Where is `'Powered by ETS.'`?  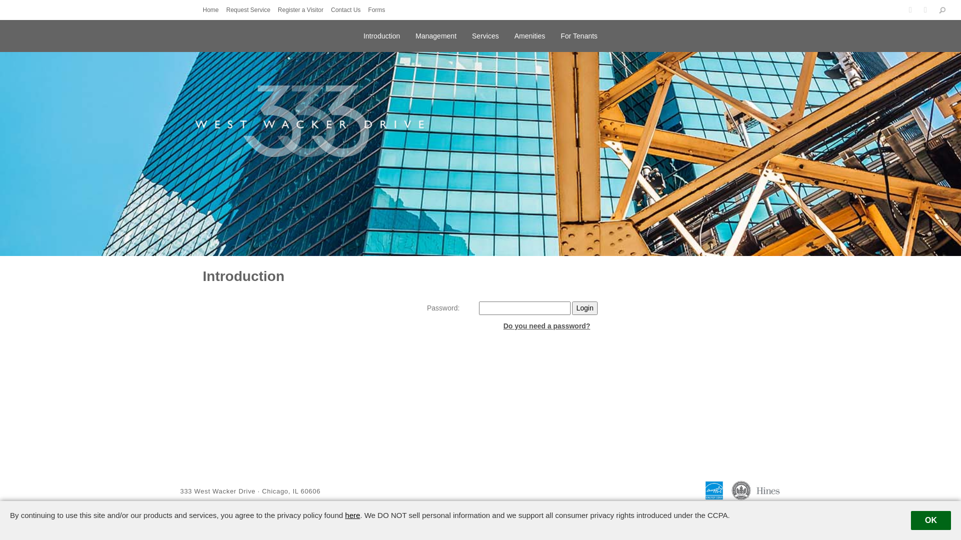
'Powered by ETS.' is located at coordinates (474, 512).